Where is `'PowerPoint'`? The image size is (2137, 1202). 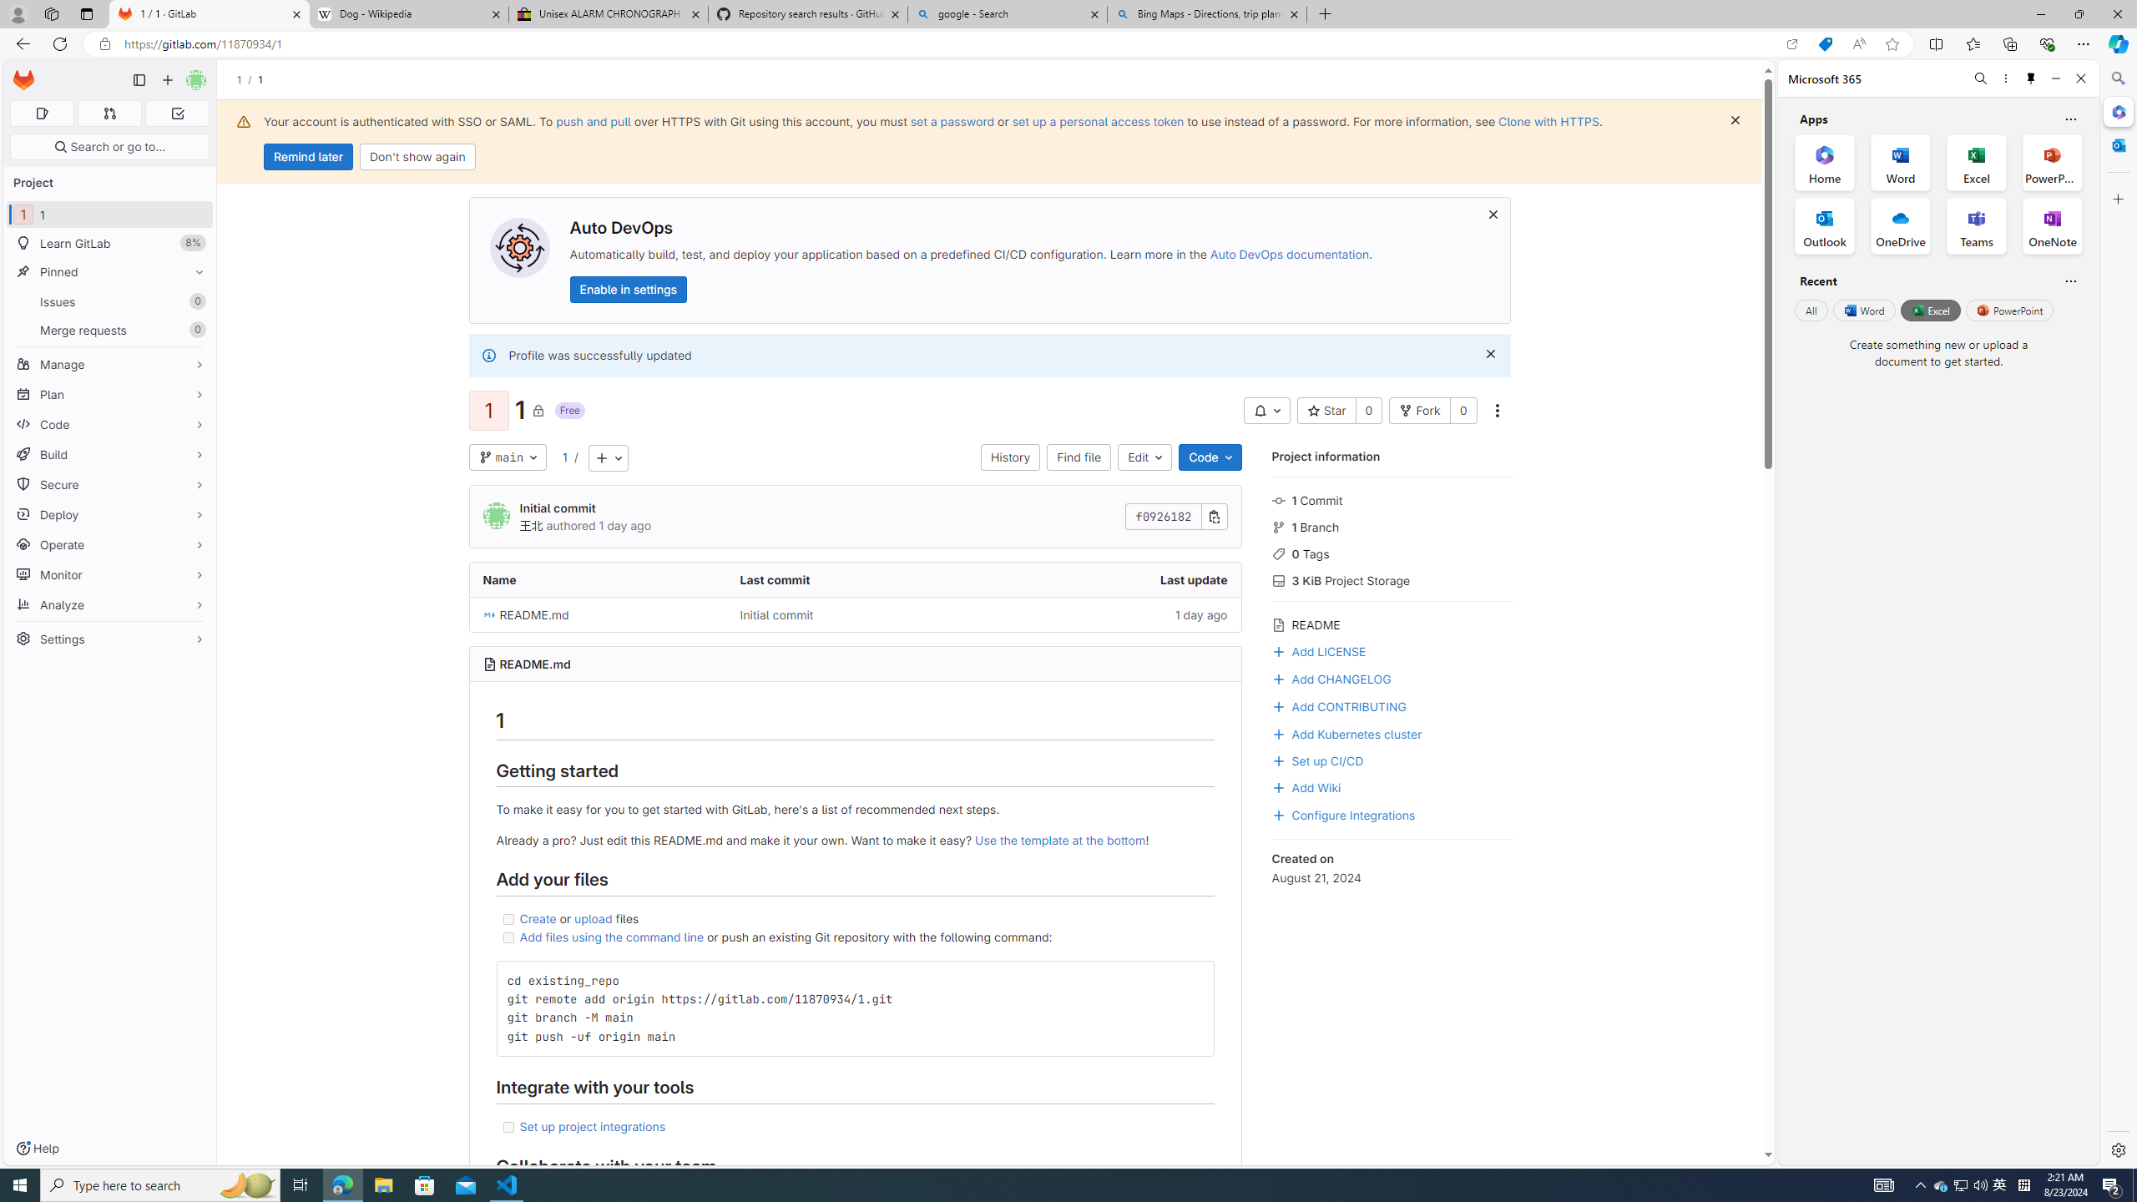 'PowerPoint' is located at coordinates (2008, 310).